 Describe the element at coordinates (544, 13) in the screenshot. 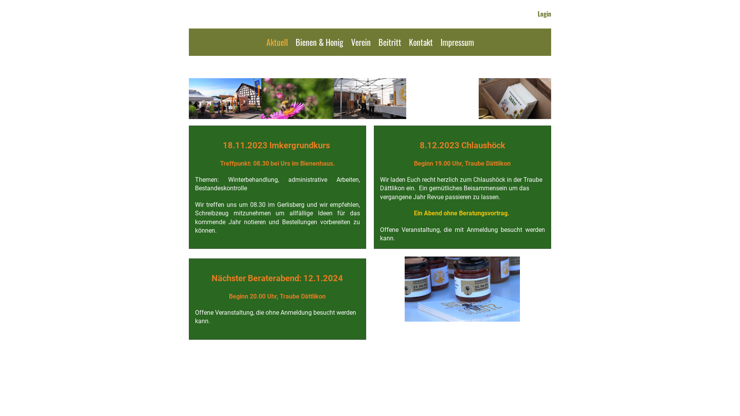

I see `'Login'` at that location.